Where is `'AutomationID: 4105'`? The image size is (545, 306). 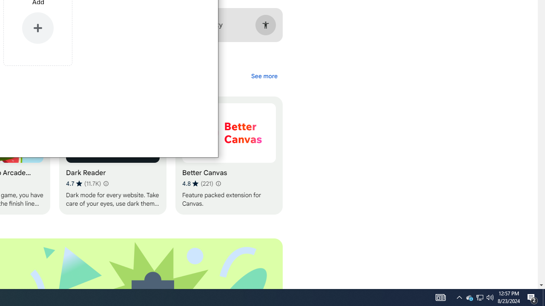
'AutomationID: 4105' is located at coordinates (440, 297).